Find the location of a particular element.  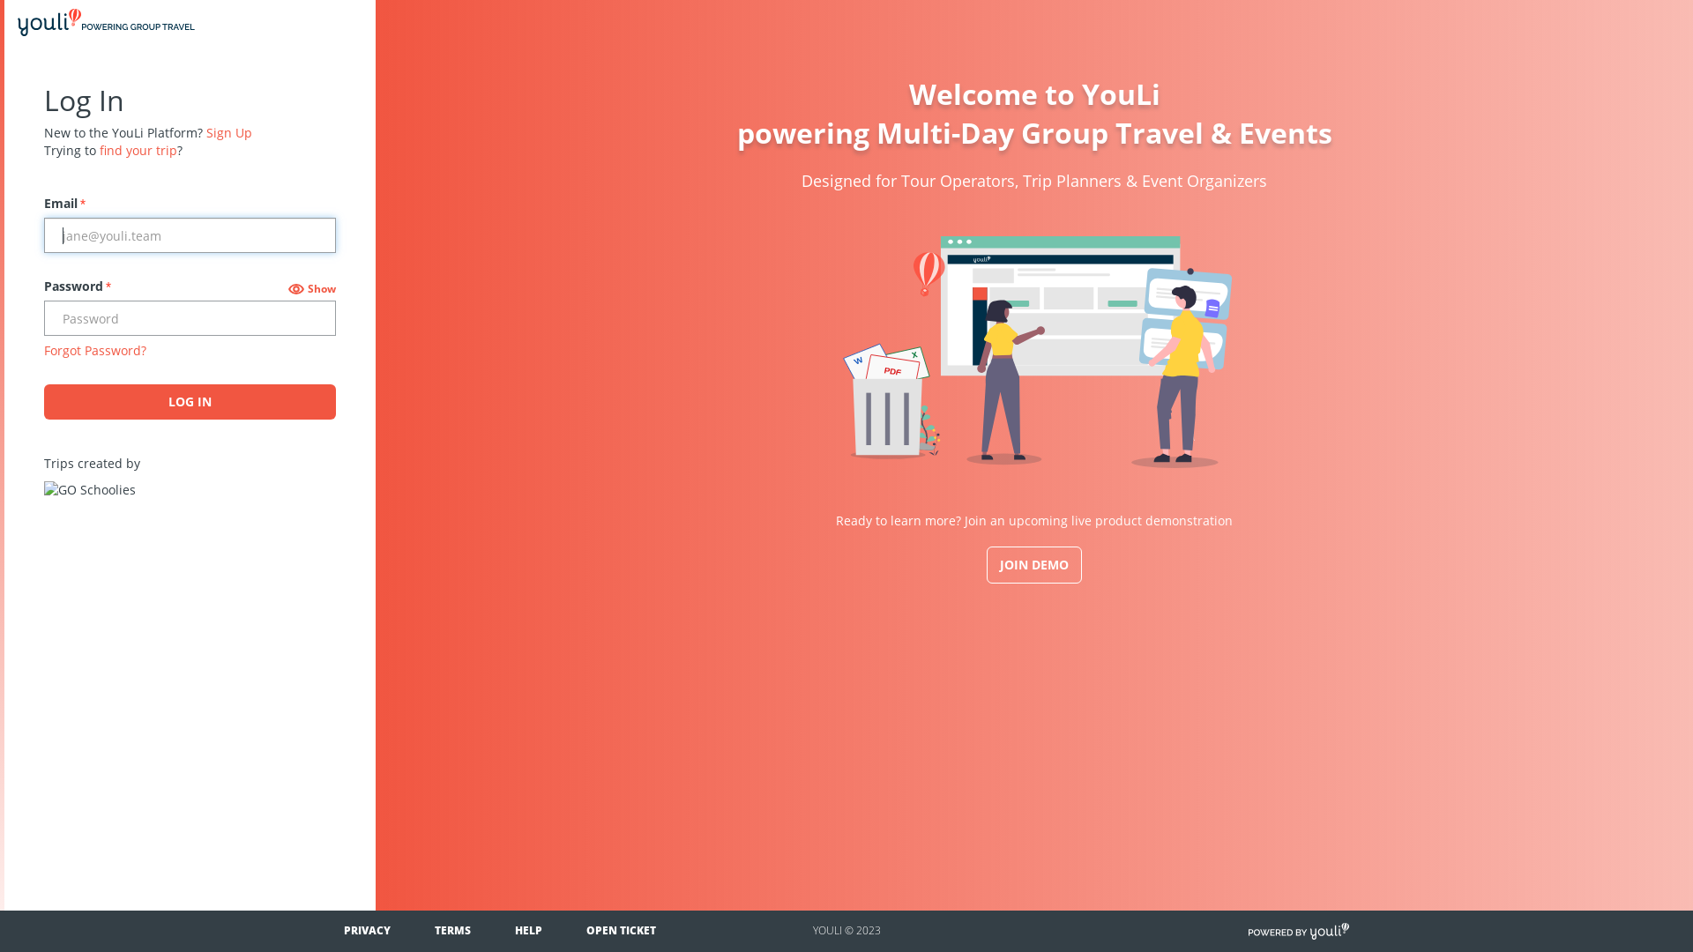

'HELP' is located at coordinates (527, 929).